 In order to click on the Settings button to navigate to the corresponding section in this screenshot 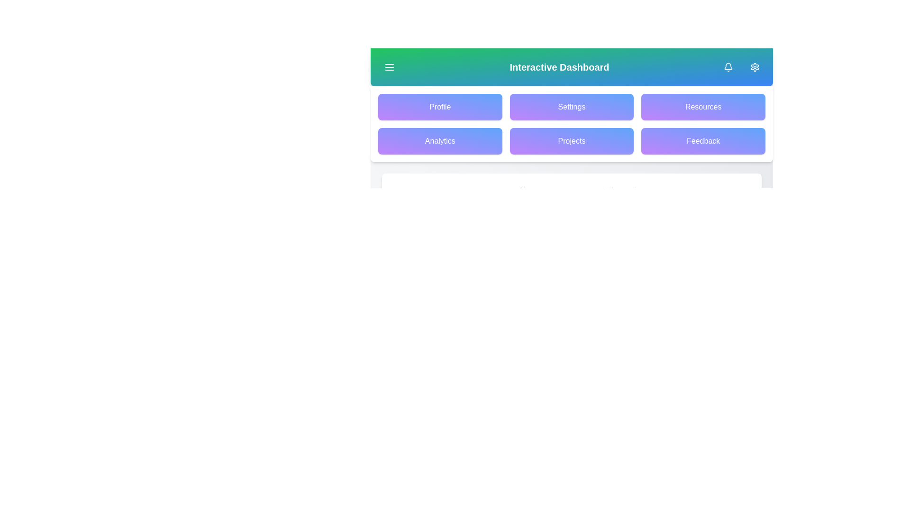, I will do `click(571, 107)`.